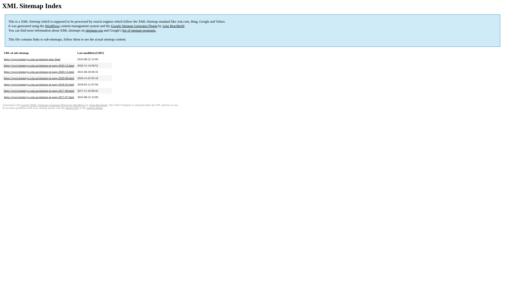 The width and height of the screenshot is (505, 284). What do you see at coordinates (87, 108) in the screenshot?
I see `'support forum'` at bounding box center [87, 108].